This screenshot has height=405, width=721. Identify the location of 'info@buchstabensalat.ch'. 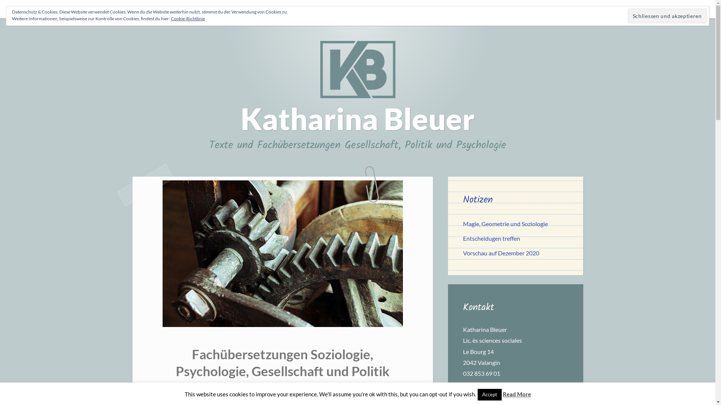
(495, 384).